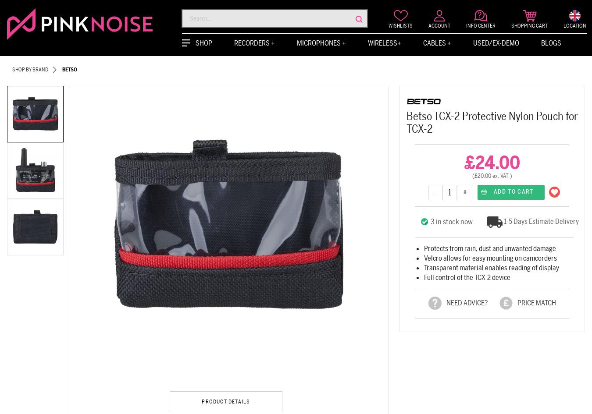 The image size is (592, 414). Describe the element at coordinates (436, 43) in the screenshot. I see `'Cables +'` at that location.